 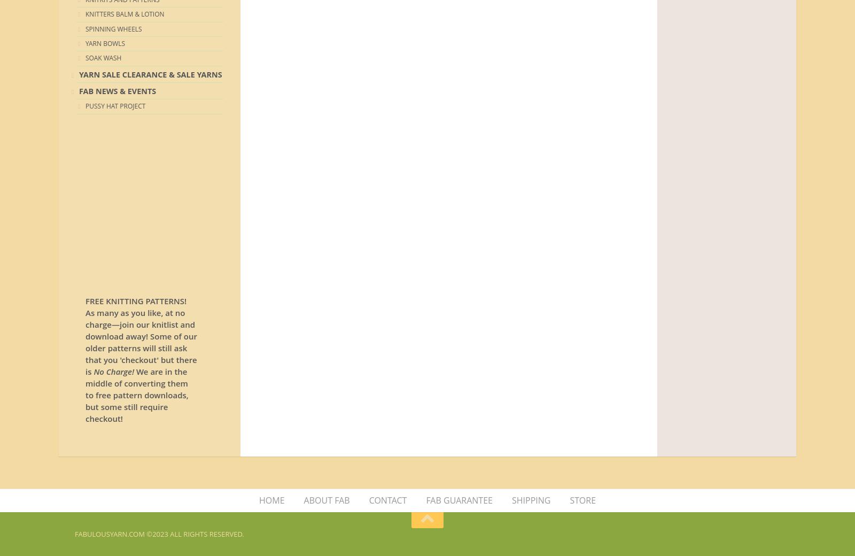 What do you see at coordinates (115, 106) in the screenshot?
I see `'Pussy Hat Project'` at bounding box center [115, 106].